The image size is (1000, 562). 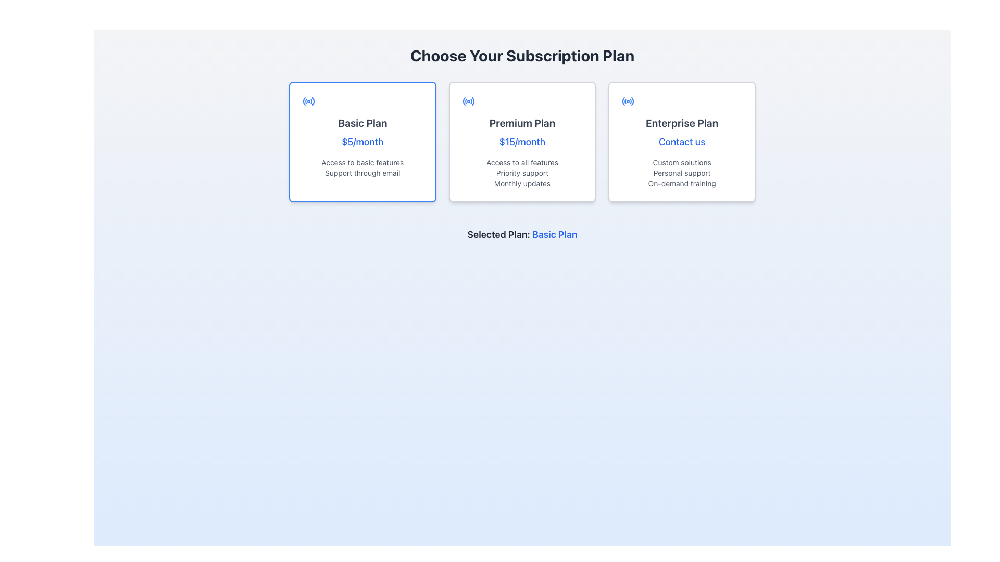 What do you see at coordinates (362, 172) in the screenshot?
I see `the text element displaying 'Support through email' located within the 'Basic Plan' card under the subscription options section` at bounding box center [362, 172].